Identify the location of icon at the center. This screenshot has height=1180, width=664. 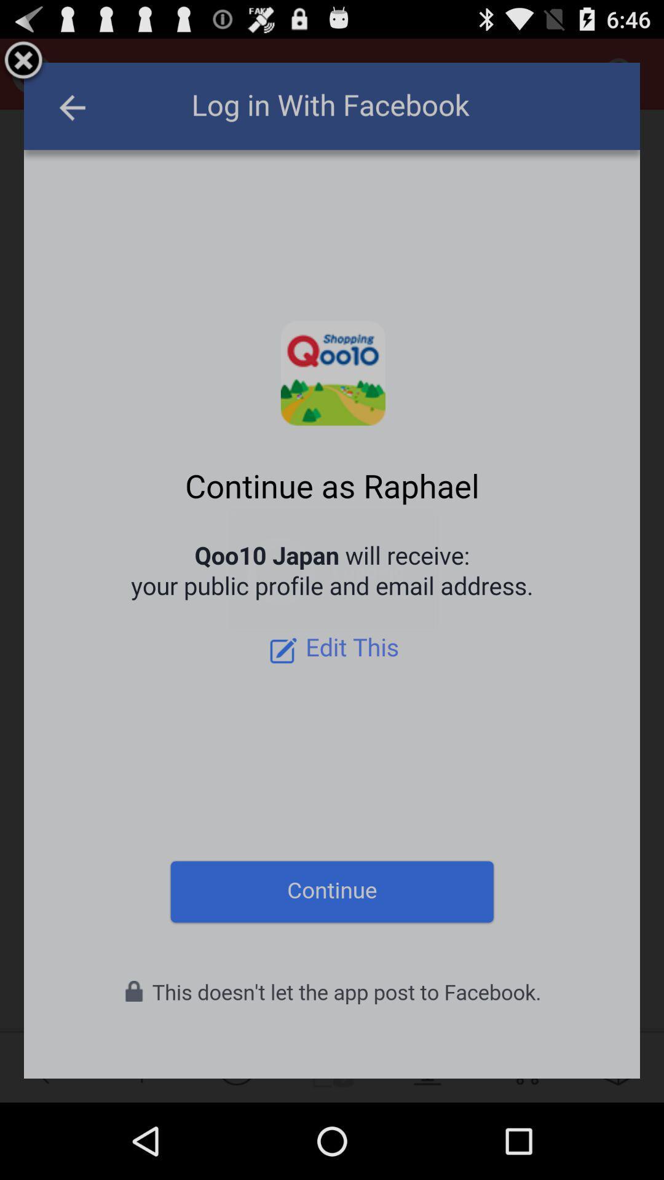
(332, 570).